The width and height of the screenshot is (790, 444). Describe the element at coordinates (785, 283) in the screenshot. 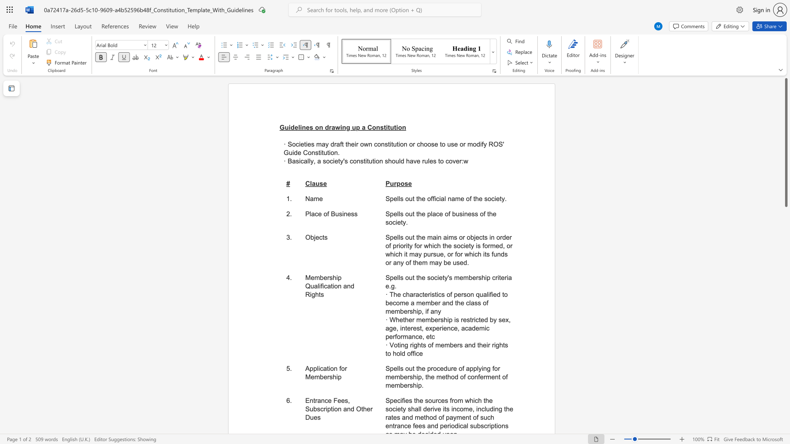

I see `the scrollbar to move the page downward` at that location.